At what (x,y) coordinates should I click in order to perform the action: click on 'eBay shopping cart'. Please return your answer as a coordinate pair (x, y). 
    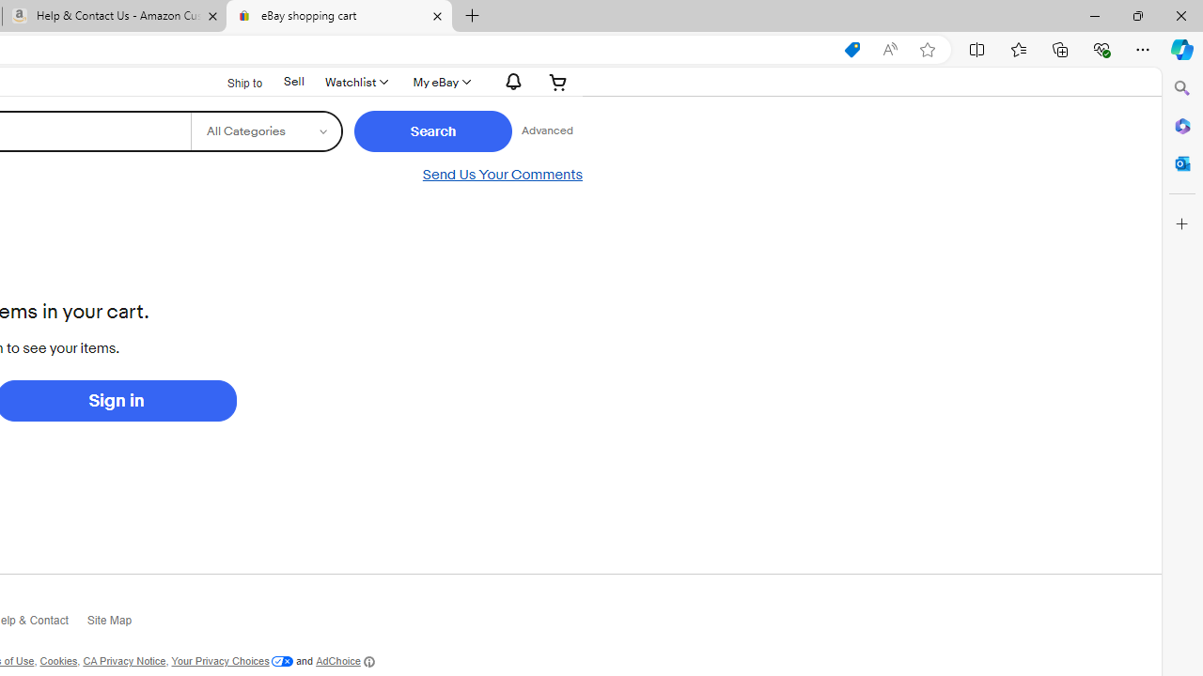
    Looking at the image, I should click on (338, 16).